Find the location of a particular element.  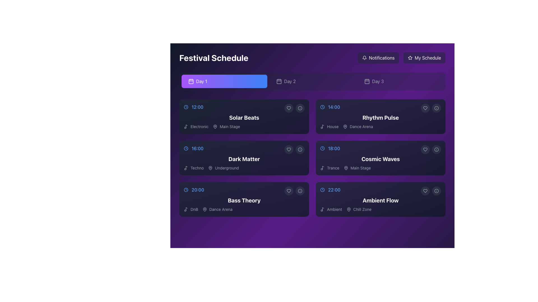

the text label indicating the music genre of the 'Dark Matter' event, located in the third row under the event box, adjacent to the musical note icon is located at coordinates (197, 168).